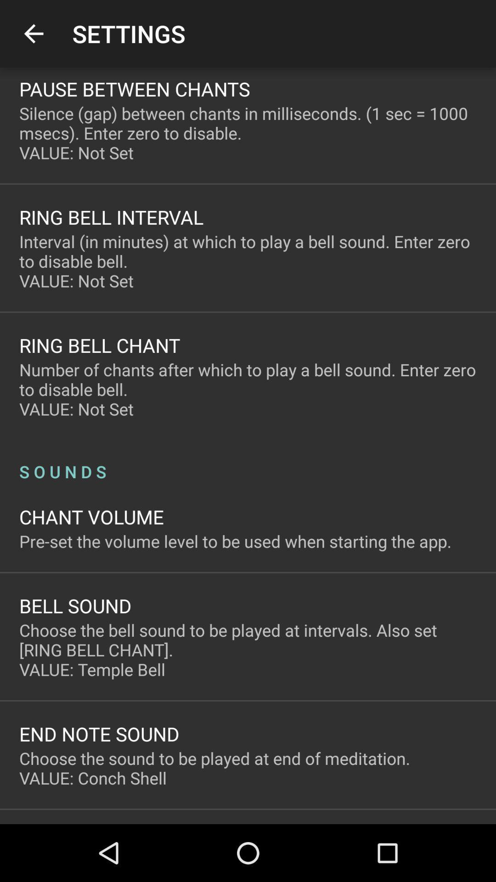  I want to click on the number of chants, so click(248, 389).